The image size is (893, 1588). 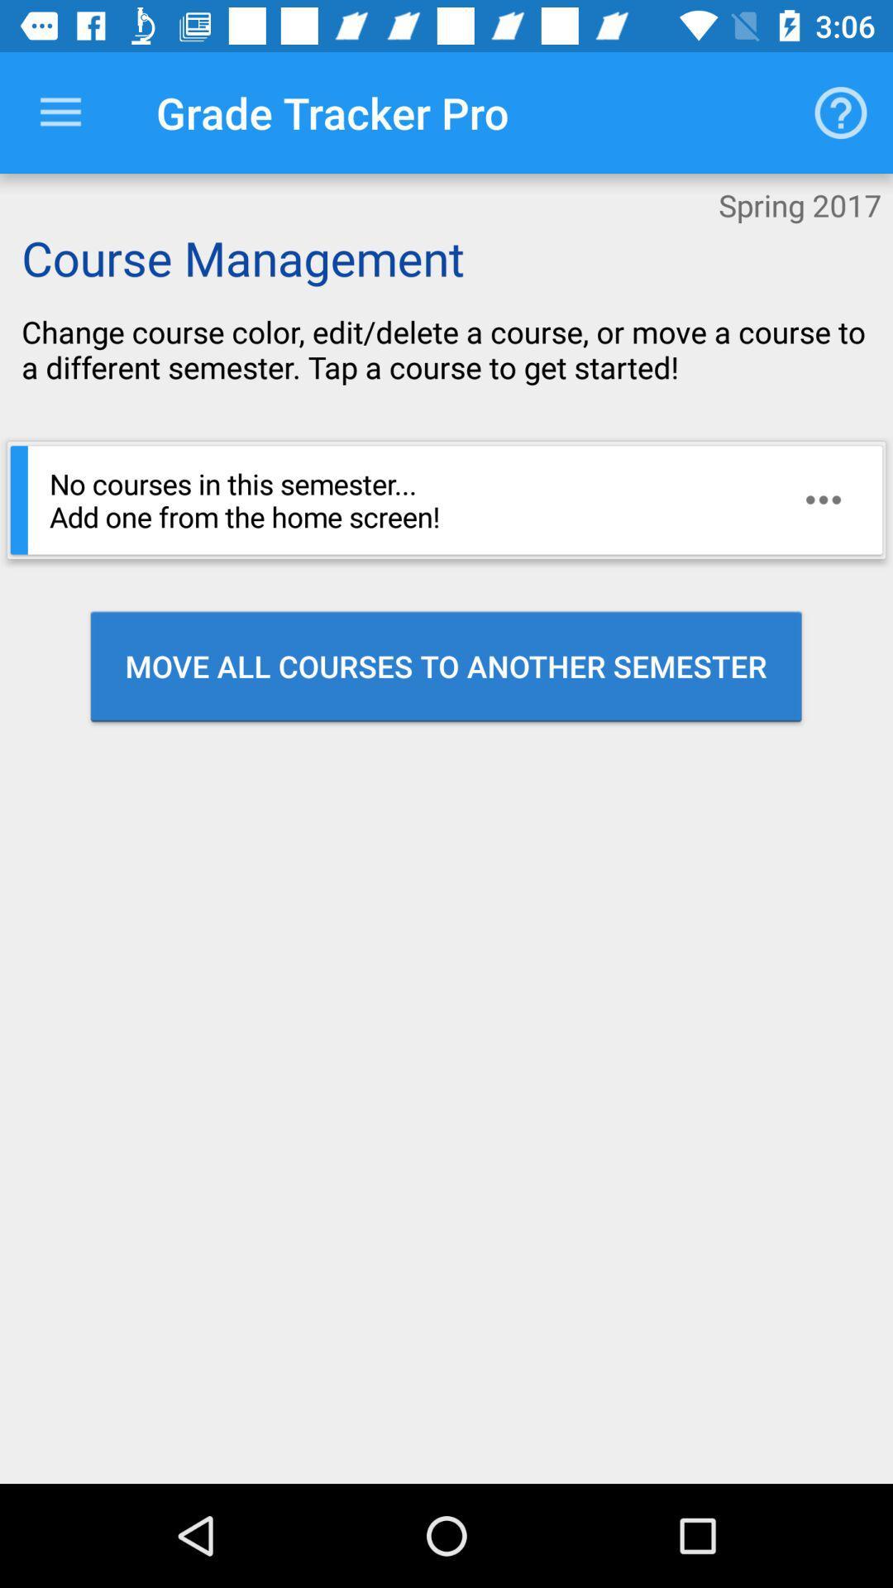 What do you see at coordinates (841, 112) in the screenshot?
I see `the question mark icon on the top right corner` at bounding box center [841, 112].